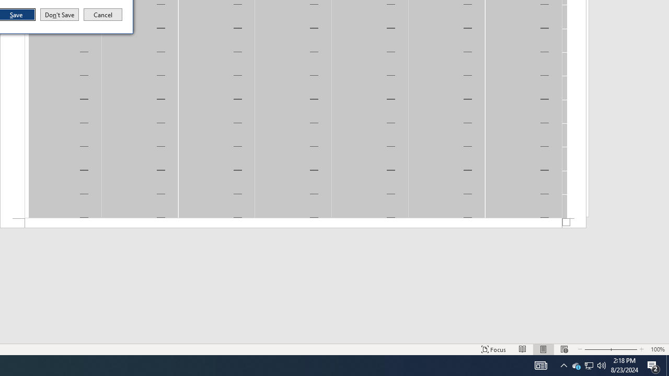 The height and width of the screenshot is (376, 669). Describe the element at coordinates (667, 365) in the screenshot. I see `'Show desktop'` at that location.